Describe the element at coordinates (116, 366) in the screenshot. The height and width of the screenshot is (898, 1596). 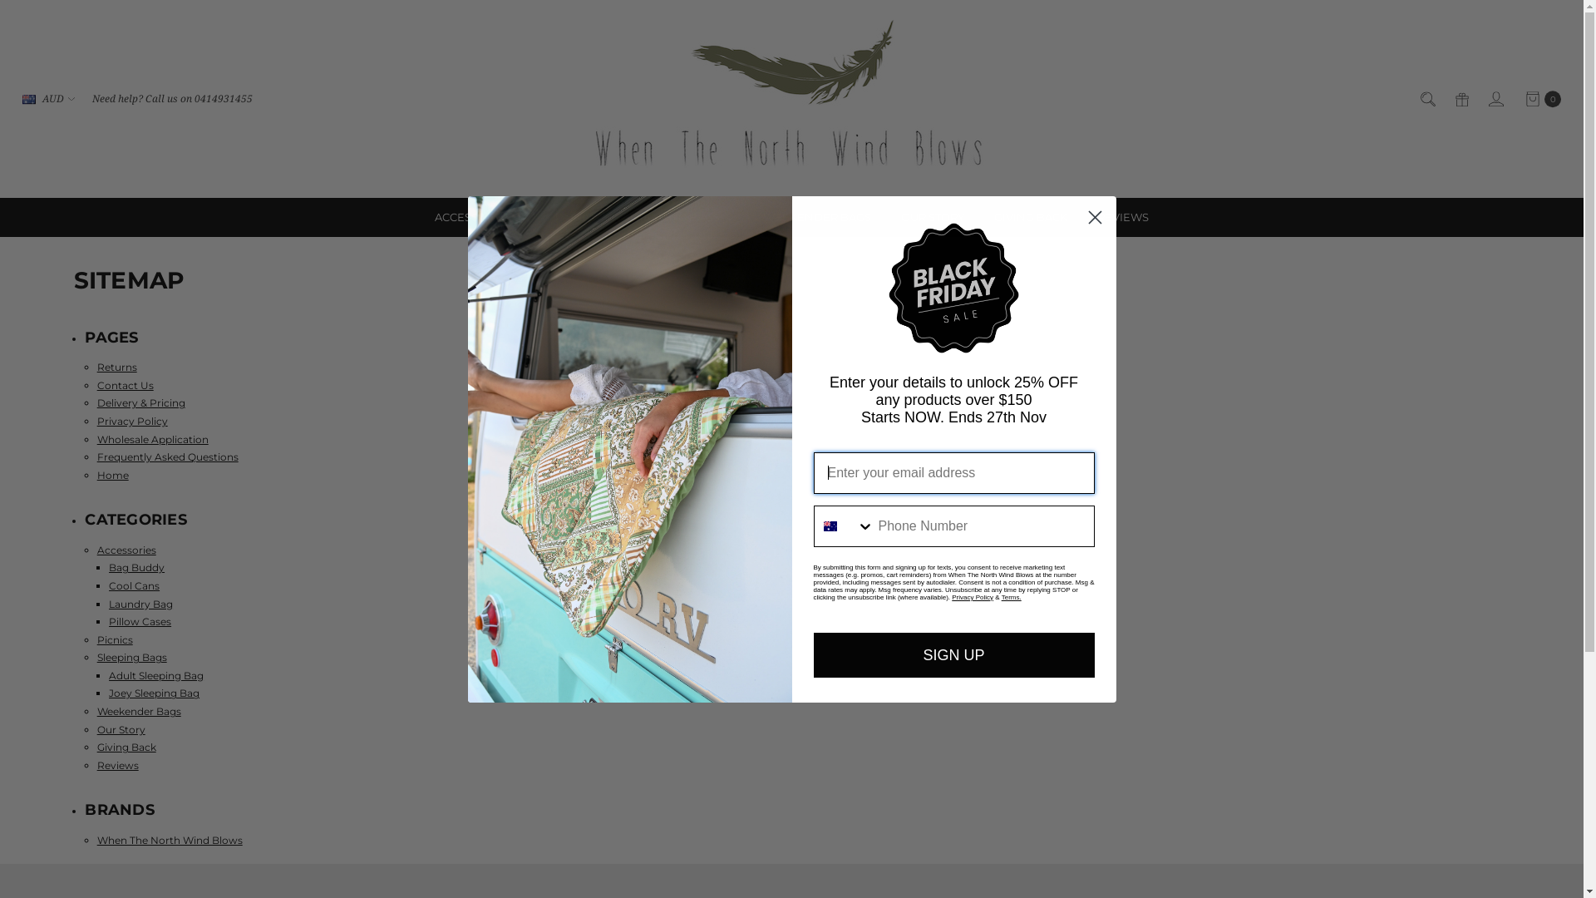
I see `'Returns'` at that location.